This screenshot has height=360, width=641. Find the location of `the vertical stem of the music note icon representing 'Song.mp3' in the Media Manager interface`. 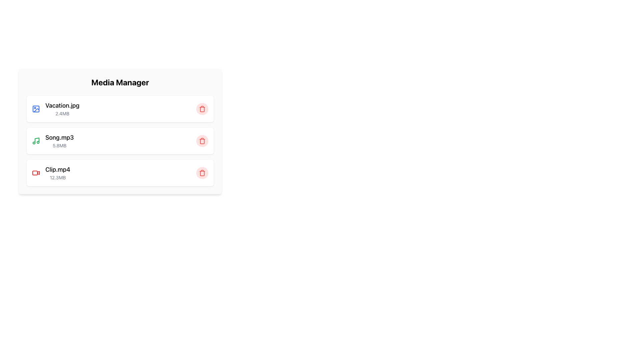

the vertical stem of the music note icon representing 'Song.mp3' in the Media Manager interface is located at coordinates (36, 140).